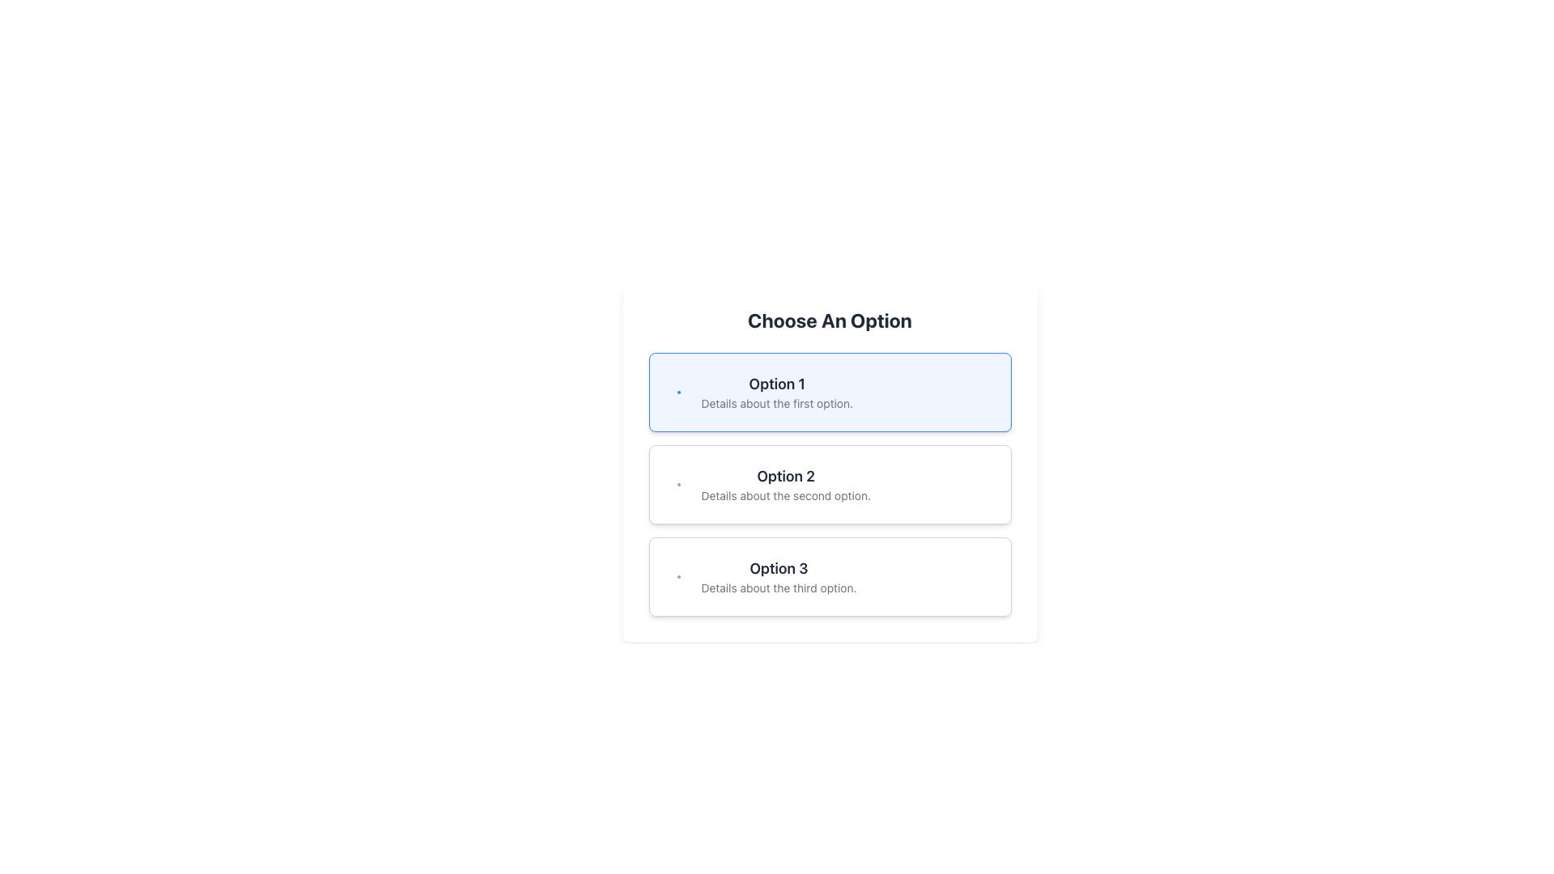  What do you see at coordinates (830, 576) in the screenshot?
I see `the third button labeled 'Option 3'` at bounding box center [830, 576].